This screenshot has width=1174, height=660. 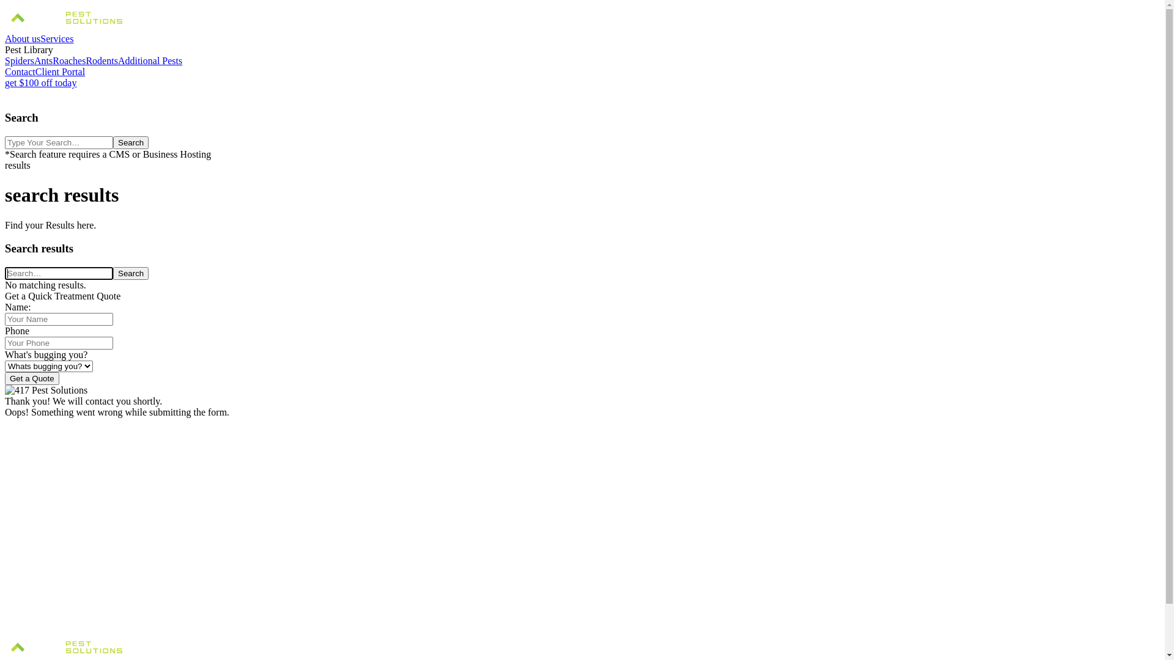 I want to click on 'Additional Pests', so click(x=117, y=61).